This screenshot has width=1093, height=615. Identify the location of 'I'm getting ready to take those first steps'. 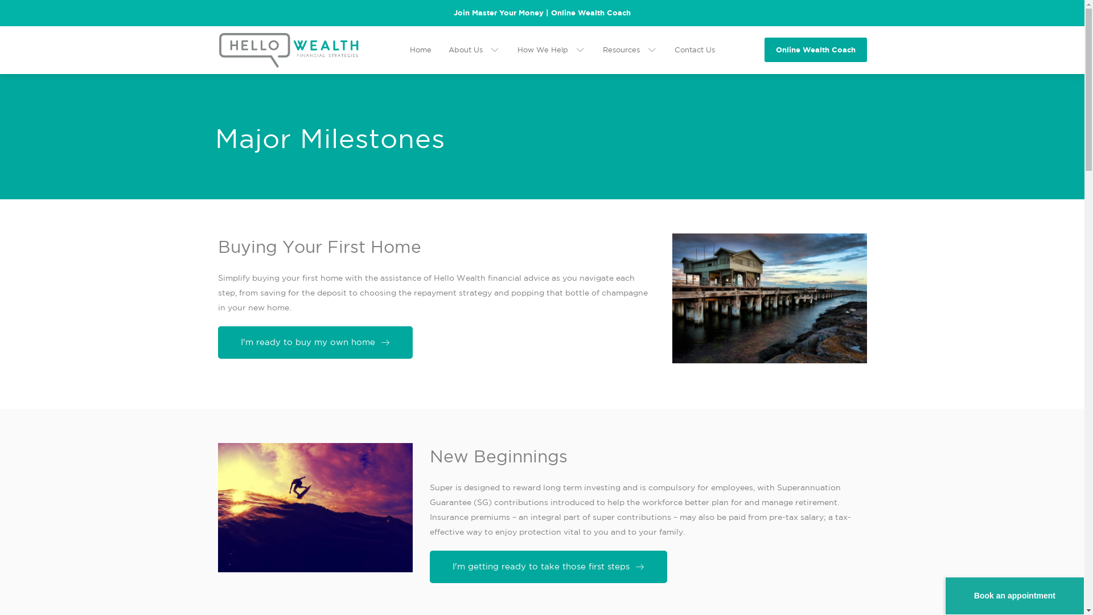
(548, 567).